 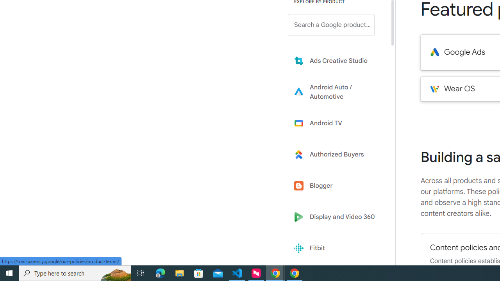 What do you see at coordinates (337, 248) in the screenshot?
I see `'Fitbit'` at bounding box center [337, 248].